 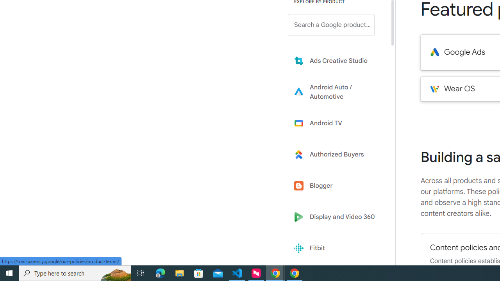 What do you see at coordinates (337, 248) in the screenshot?
I see `'Fitbit'` at bounding box center [337, 248].